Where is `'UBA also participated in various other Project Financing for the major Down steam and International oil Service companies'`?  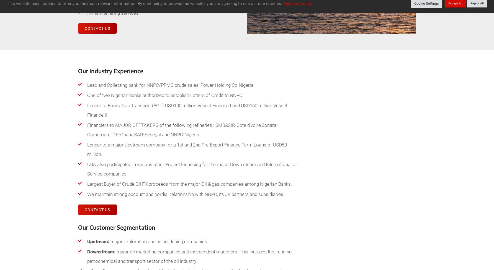 'UBA also participated in various other Project Financing for the major Down steam and International oil Service companies' is located at coordinates (87, 169).